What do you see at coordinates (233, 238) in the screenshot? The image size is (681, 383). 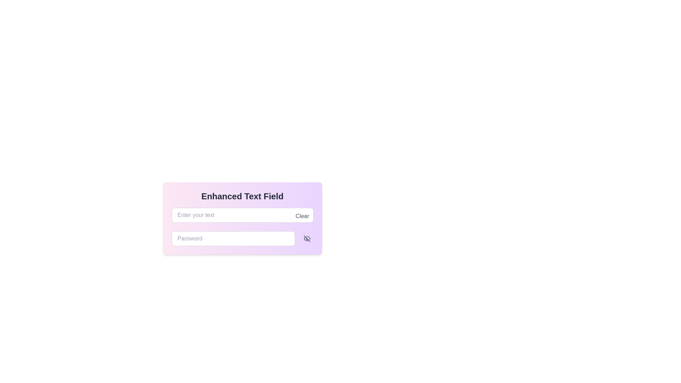 I see `the primary text input field for password entry by tabbing to it` at bounding box center [233, 238].